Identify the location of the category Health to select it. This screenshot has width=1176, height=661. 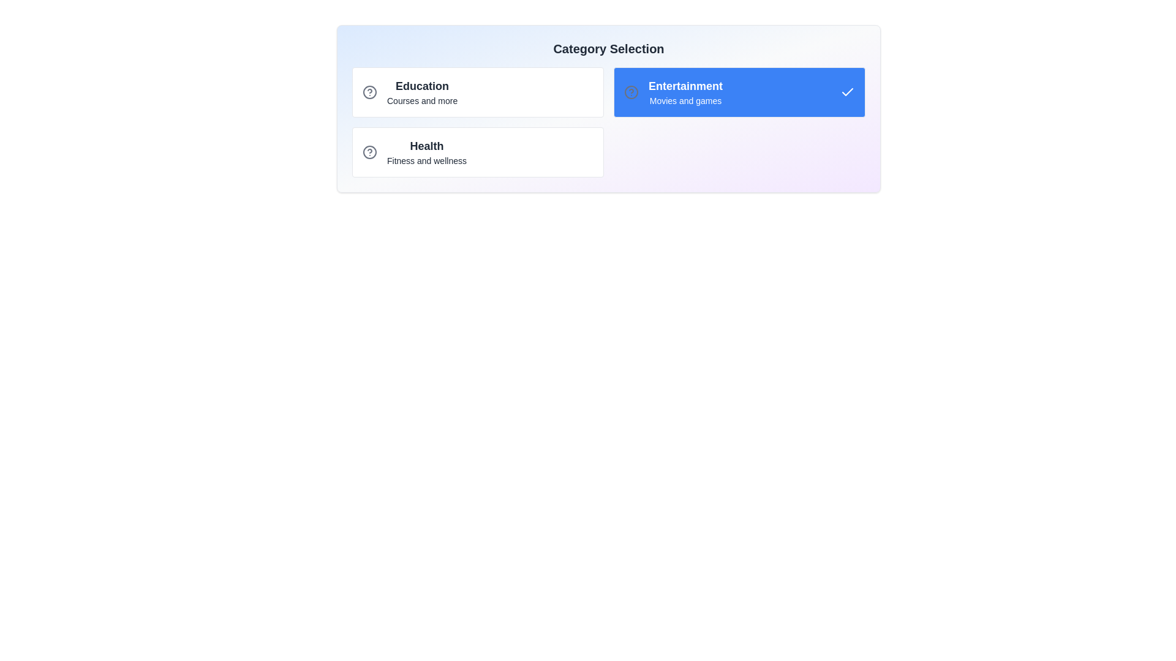
(477, 152).